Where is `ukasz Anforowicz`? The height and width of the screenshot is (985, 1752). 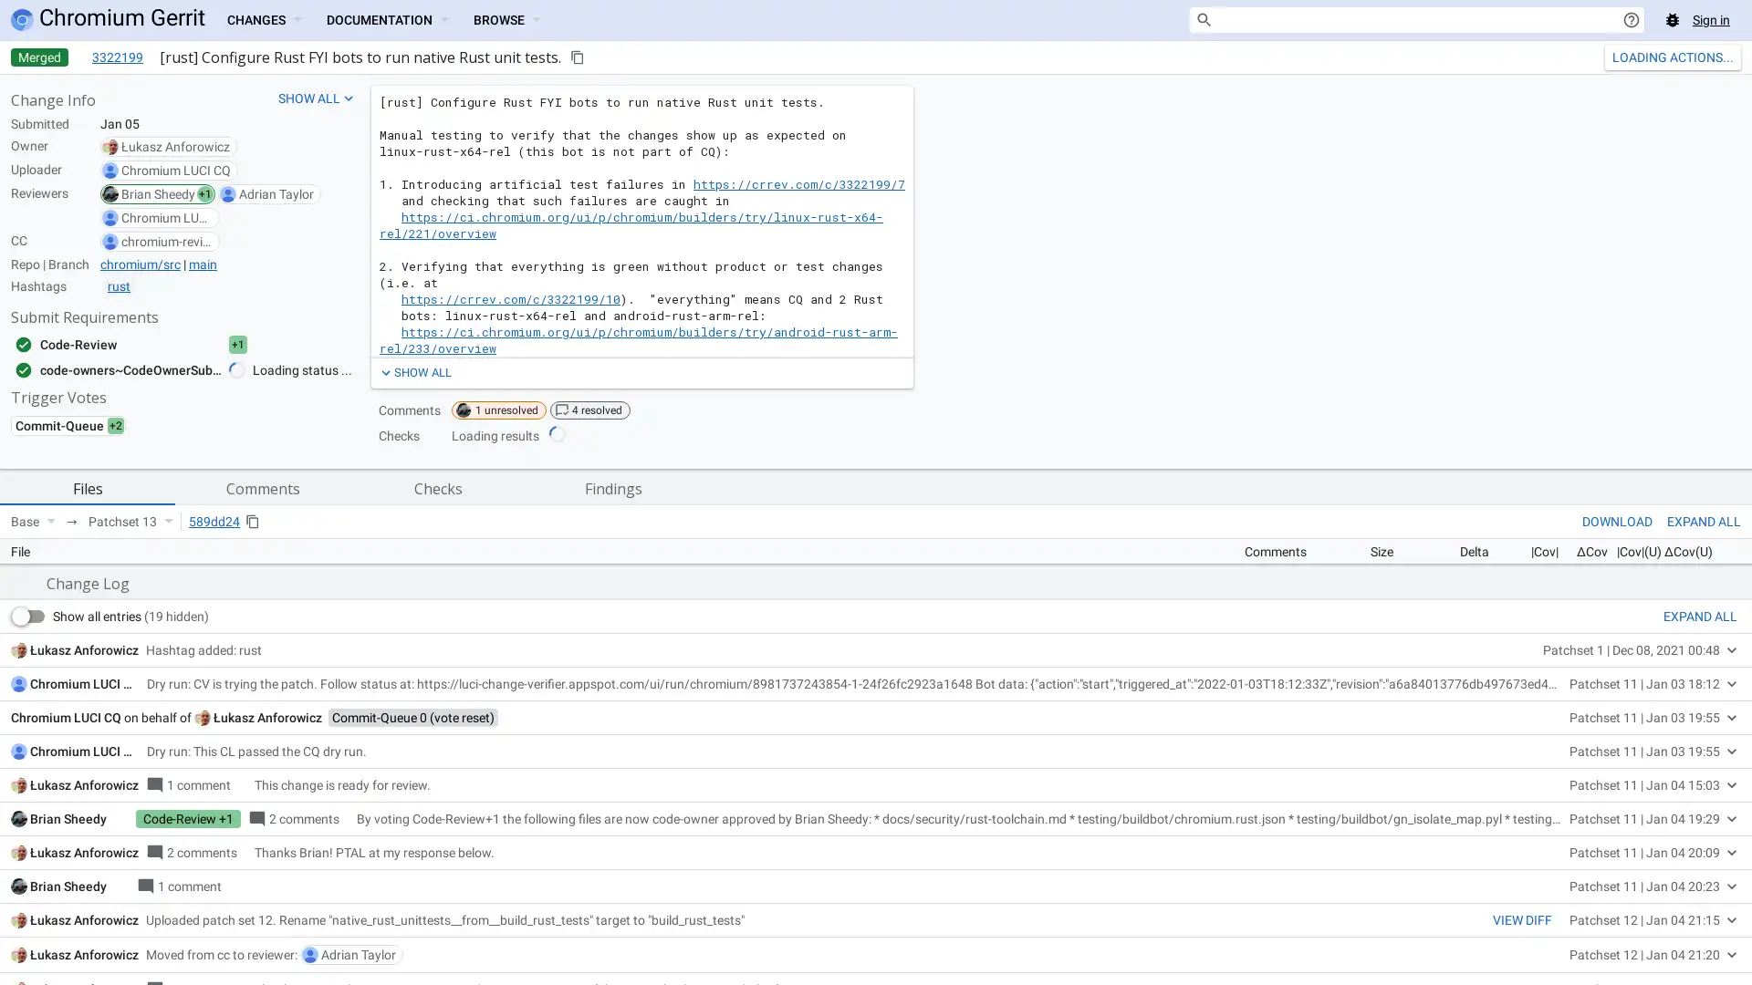
ukasz Anforowicz is located at coordinates (175, 146).